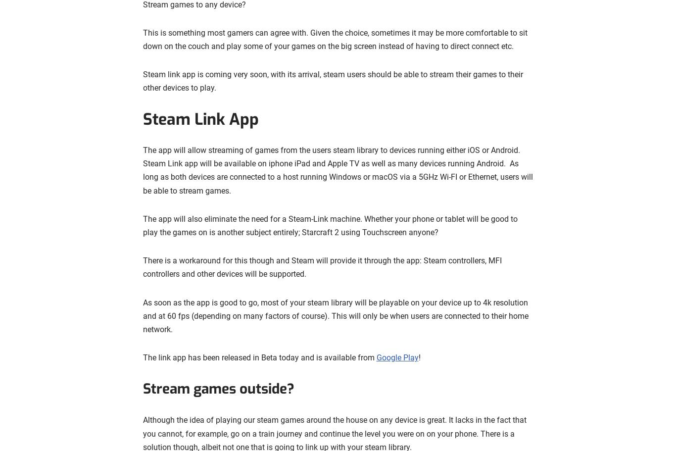 The height and width of the screenshot is (451, 676). Describe the element at coordinates (321, 267) in the screenshot. I see `'There is a workaround for this though and Steam will provide it through the app: Steam controllers, MFI controllers and other devices will be supported.'` at that location.